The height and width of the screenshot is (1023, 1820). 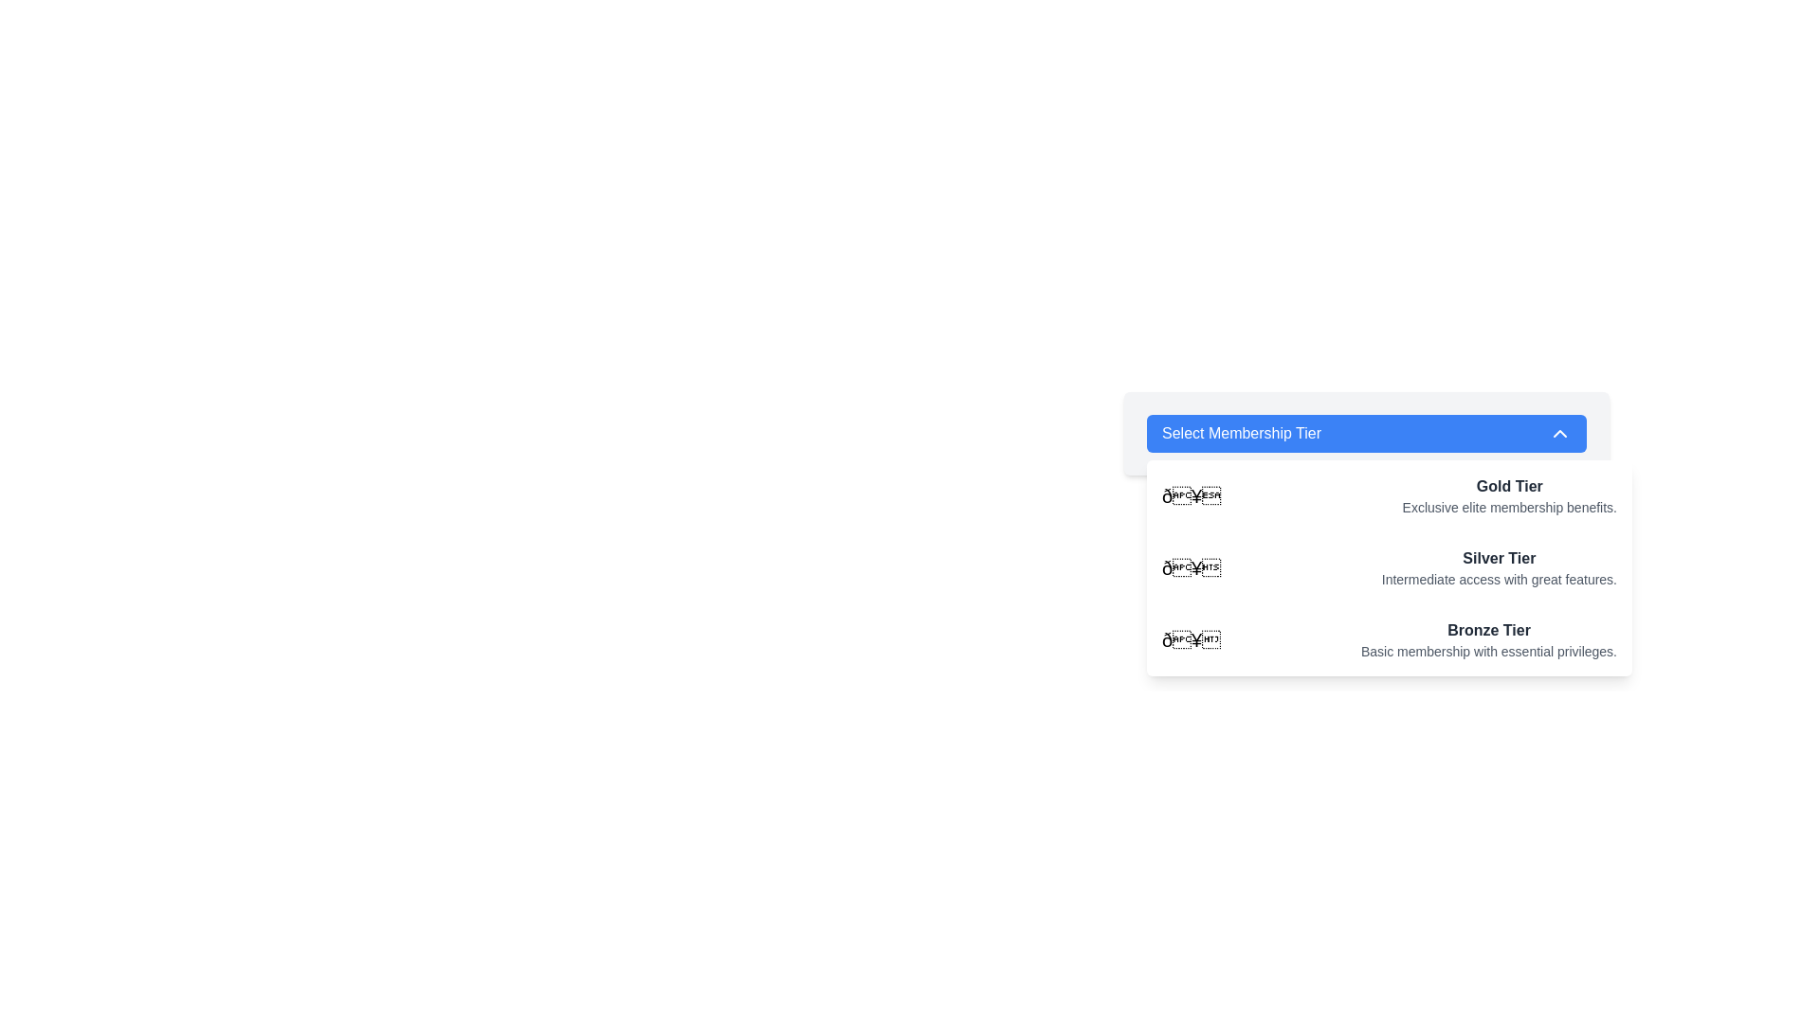 I want to click on the 'Gold Tier' text label, which is styled in bold with dark text, positioned at the top of the membership tier options list, so click(x=1508, y=485).